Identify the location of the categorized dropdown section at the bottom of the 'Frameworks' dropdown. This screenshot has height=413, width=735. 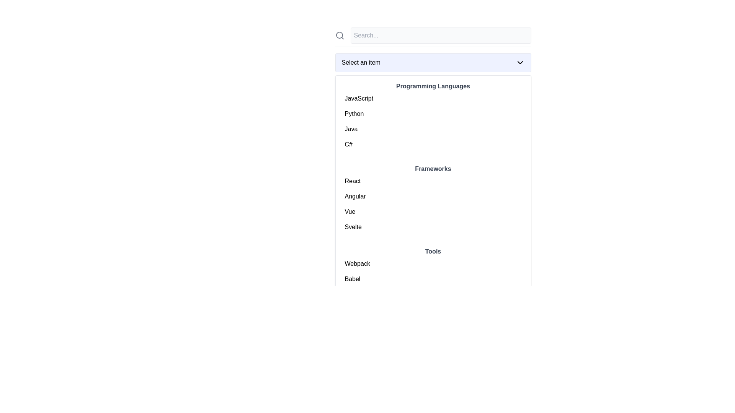
(433, 282).